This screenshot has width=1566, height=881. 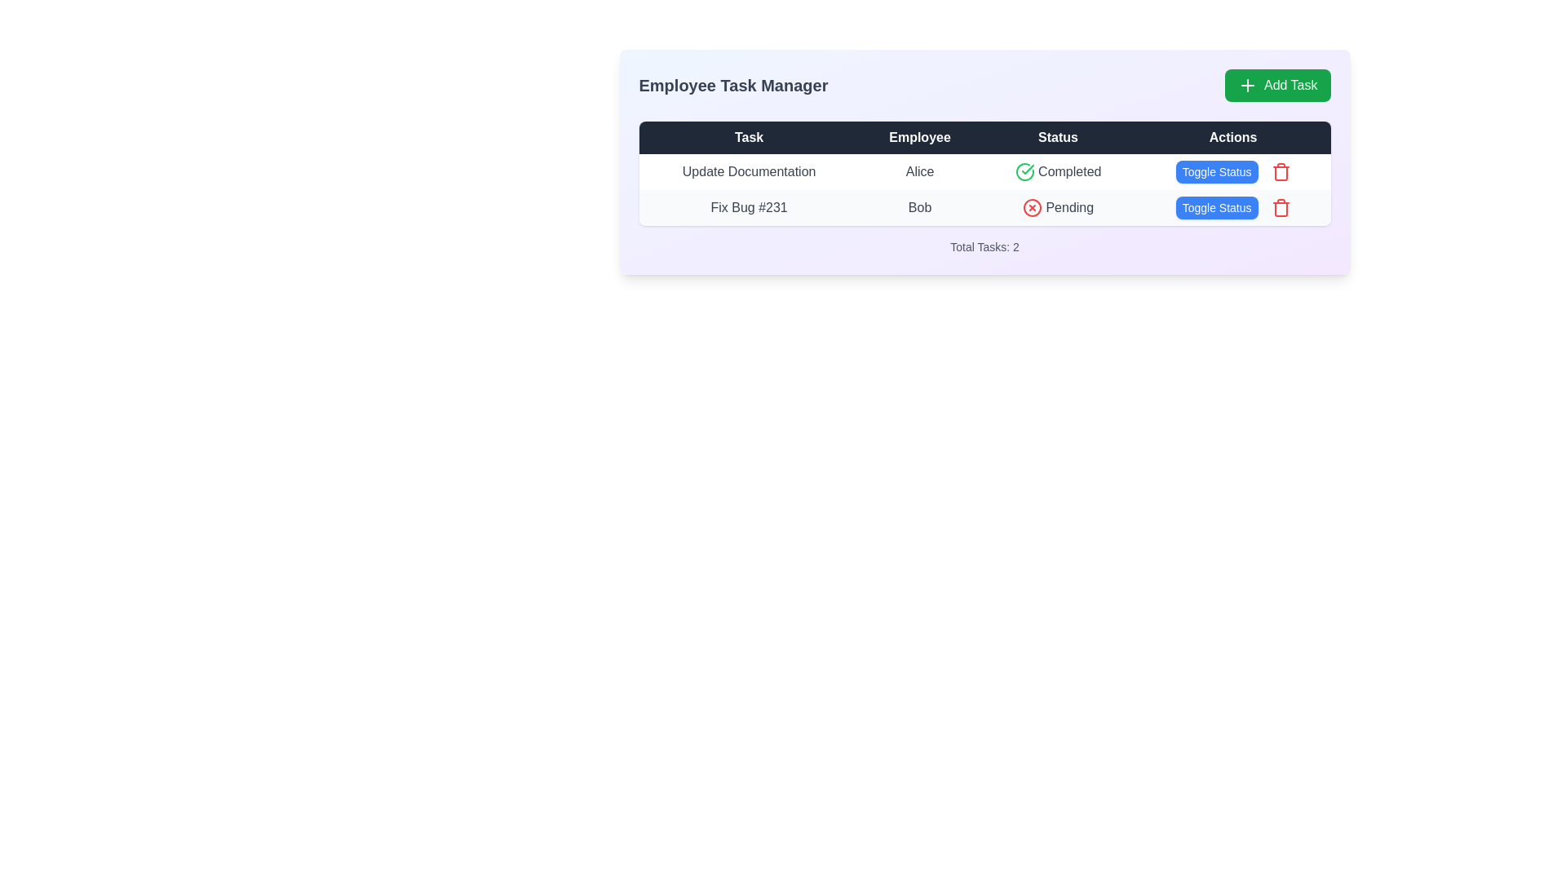 I want to click on the text label 'Employee', which is the second column header of a table, positioned between 'Task' and 'Status', so click(x=920, y=137).